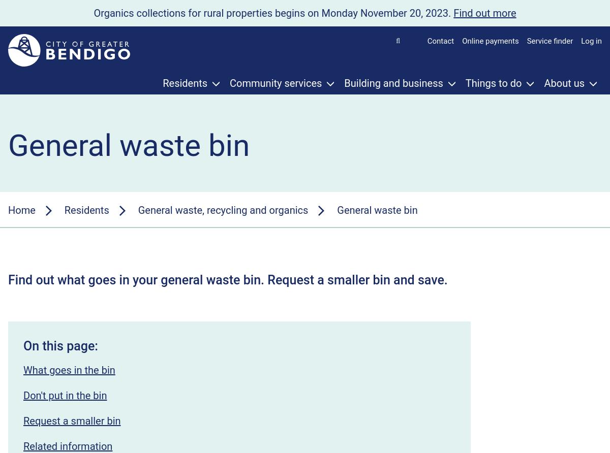  Describe the element at coordinates (223, 209) in the screenshot. I see `'General waste, recycling and organics'` at that location.